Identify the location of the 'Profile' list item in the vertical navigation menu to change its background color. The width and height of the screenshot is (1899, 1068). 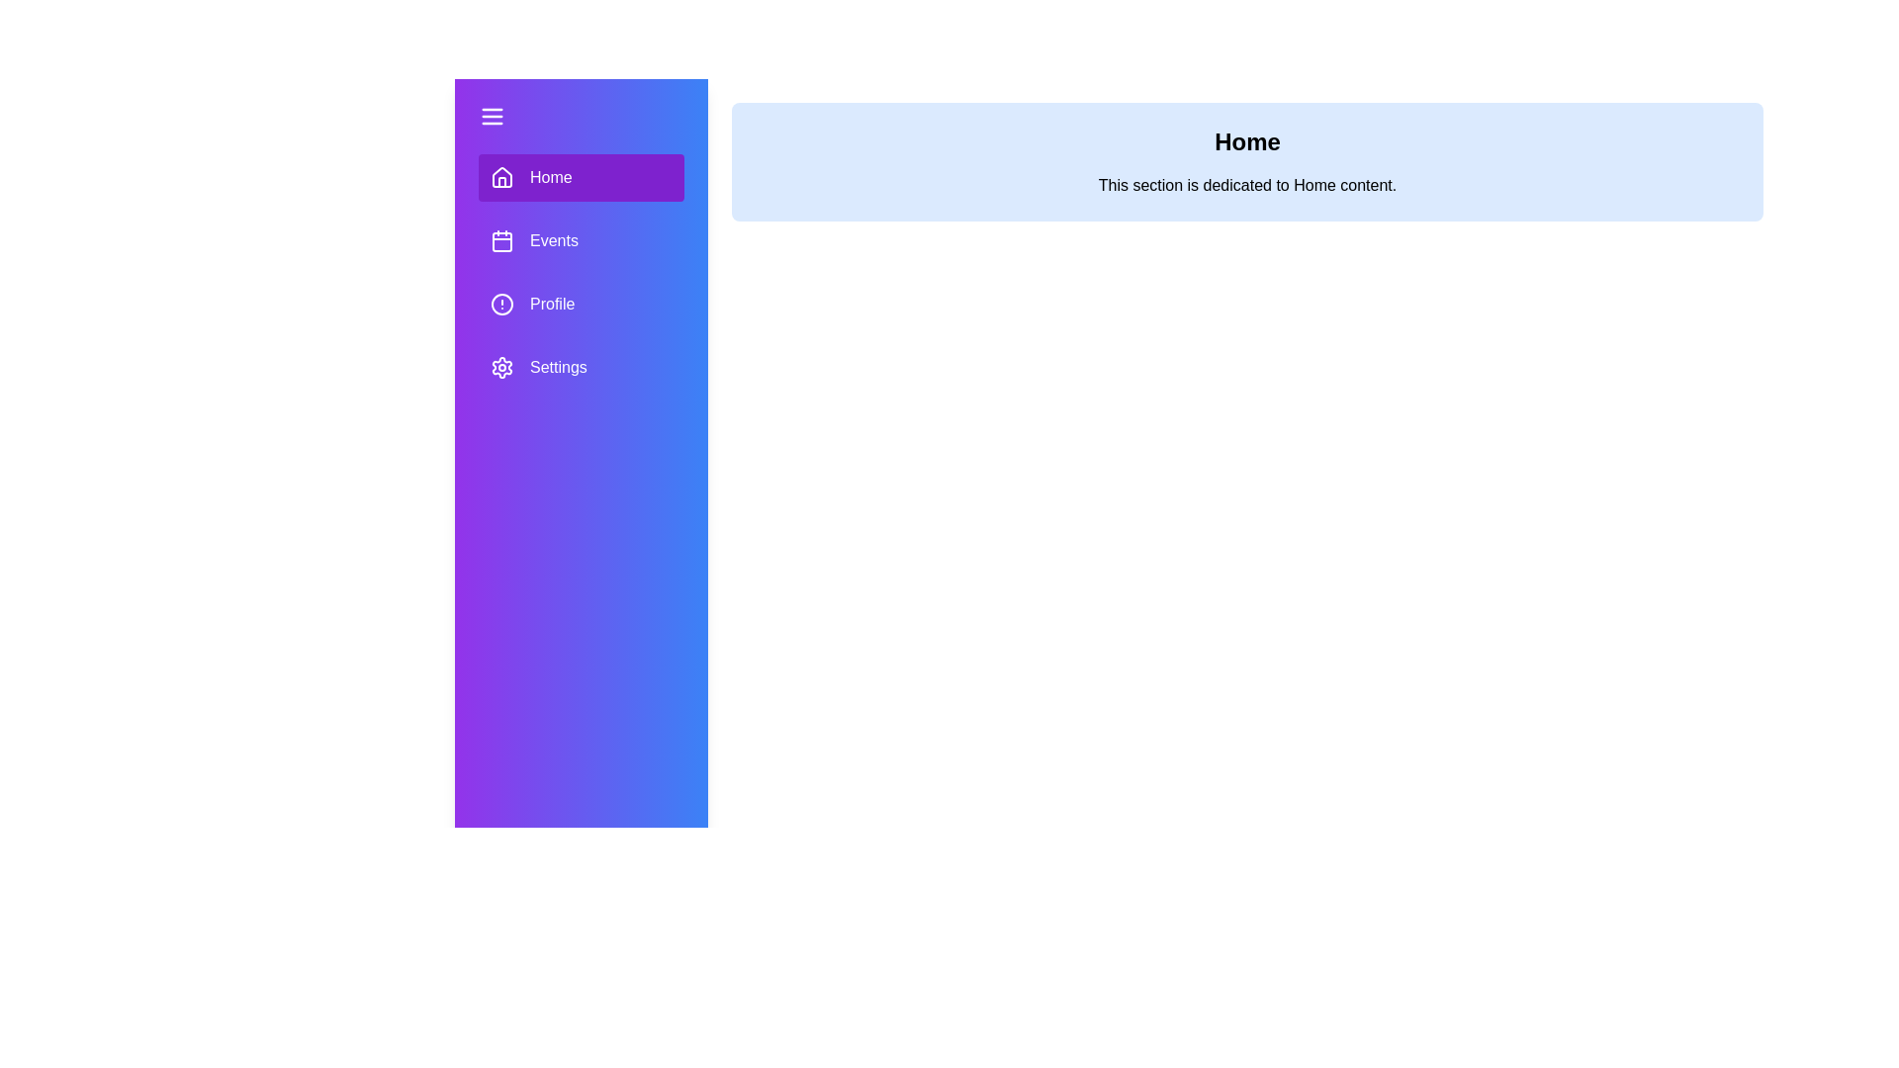
(581, 305).